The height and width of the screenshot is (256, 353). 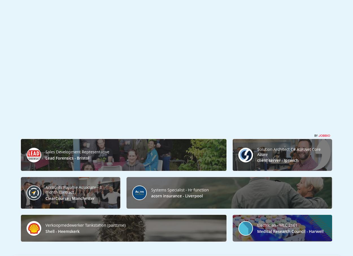 What do you see at coordinates (289, 151) in the screenshot?
I see `'Solution Architect C# ASP.Net Core Azure'` at bounding box center [289, 151].